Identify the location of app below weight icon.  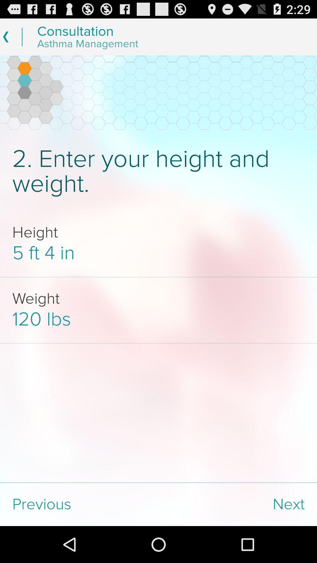
(158, 319).